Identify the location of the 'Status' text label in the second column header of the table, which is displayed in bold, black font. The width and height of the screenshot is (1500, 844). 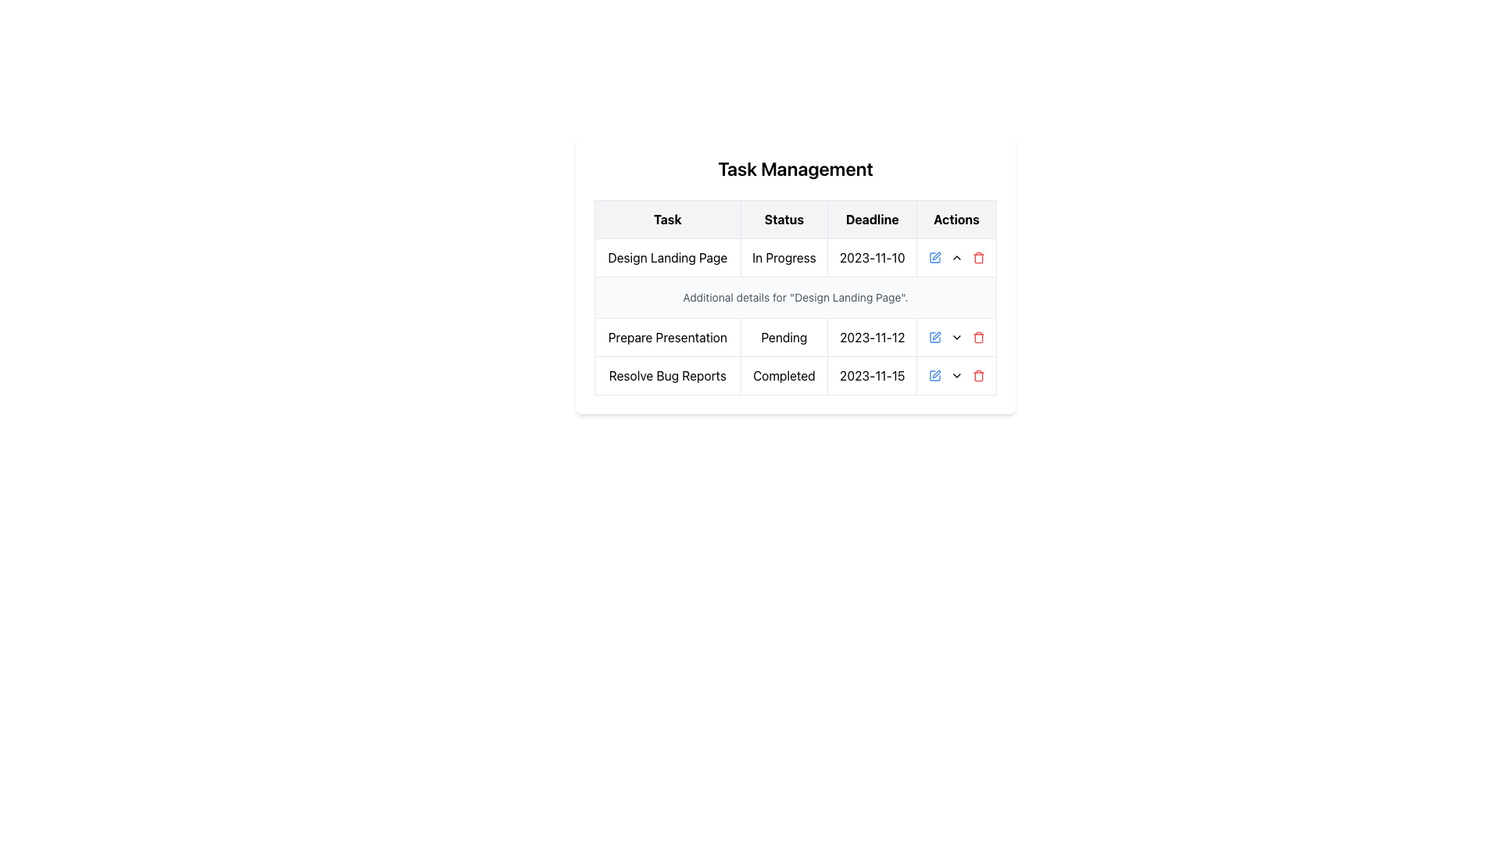
(784, 220).